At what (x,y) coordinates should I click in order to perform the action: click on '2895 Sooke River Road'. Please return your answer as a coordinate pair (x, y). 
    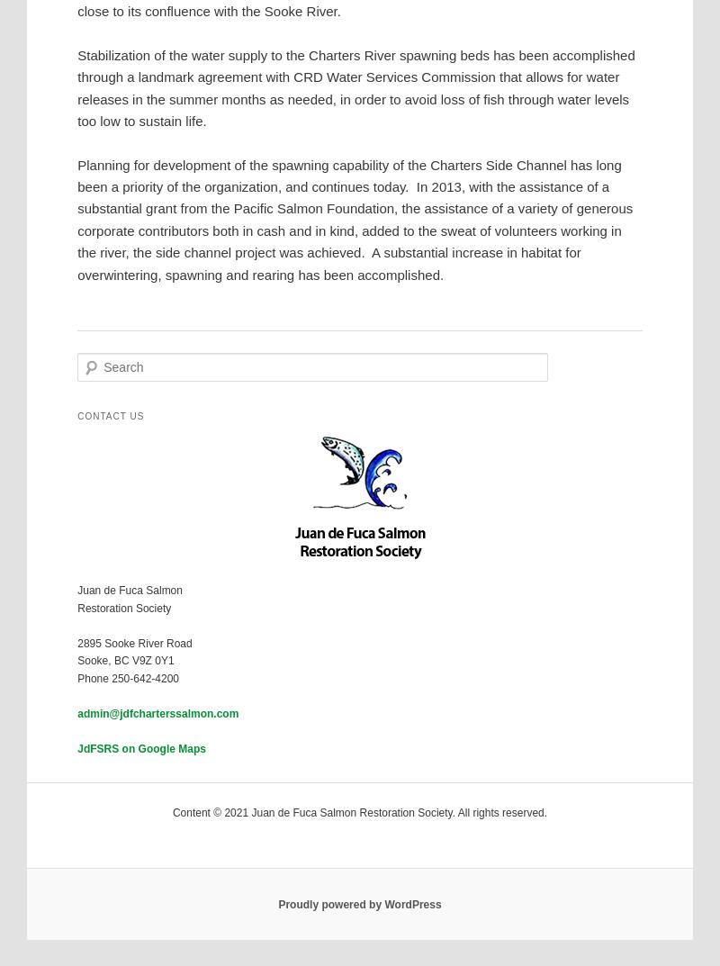
    Looking at the image, I should click on (134, 642).